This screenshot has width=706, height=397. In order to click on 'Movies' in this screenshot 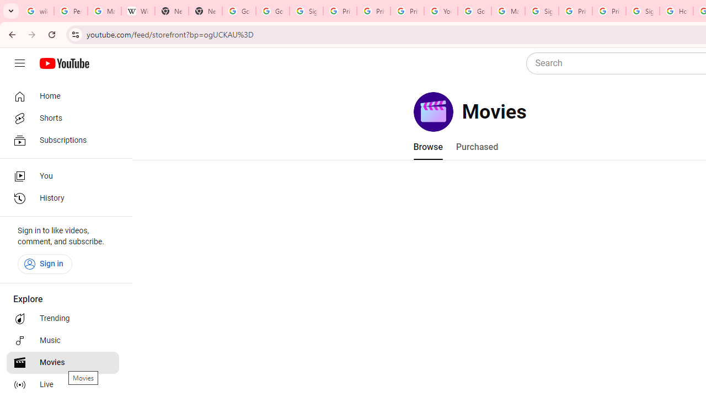, I will do `click(62, 363)`.